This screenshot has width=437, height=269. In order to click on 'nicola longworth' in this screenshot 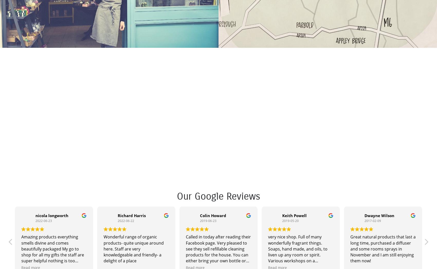, I will do `click(51, 215)`.